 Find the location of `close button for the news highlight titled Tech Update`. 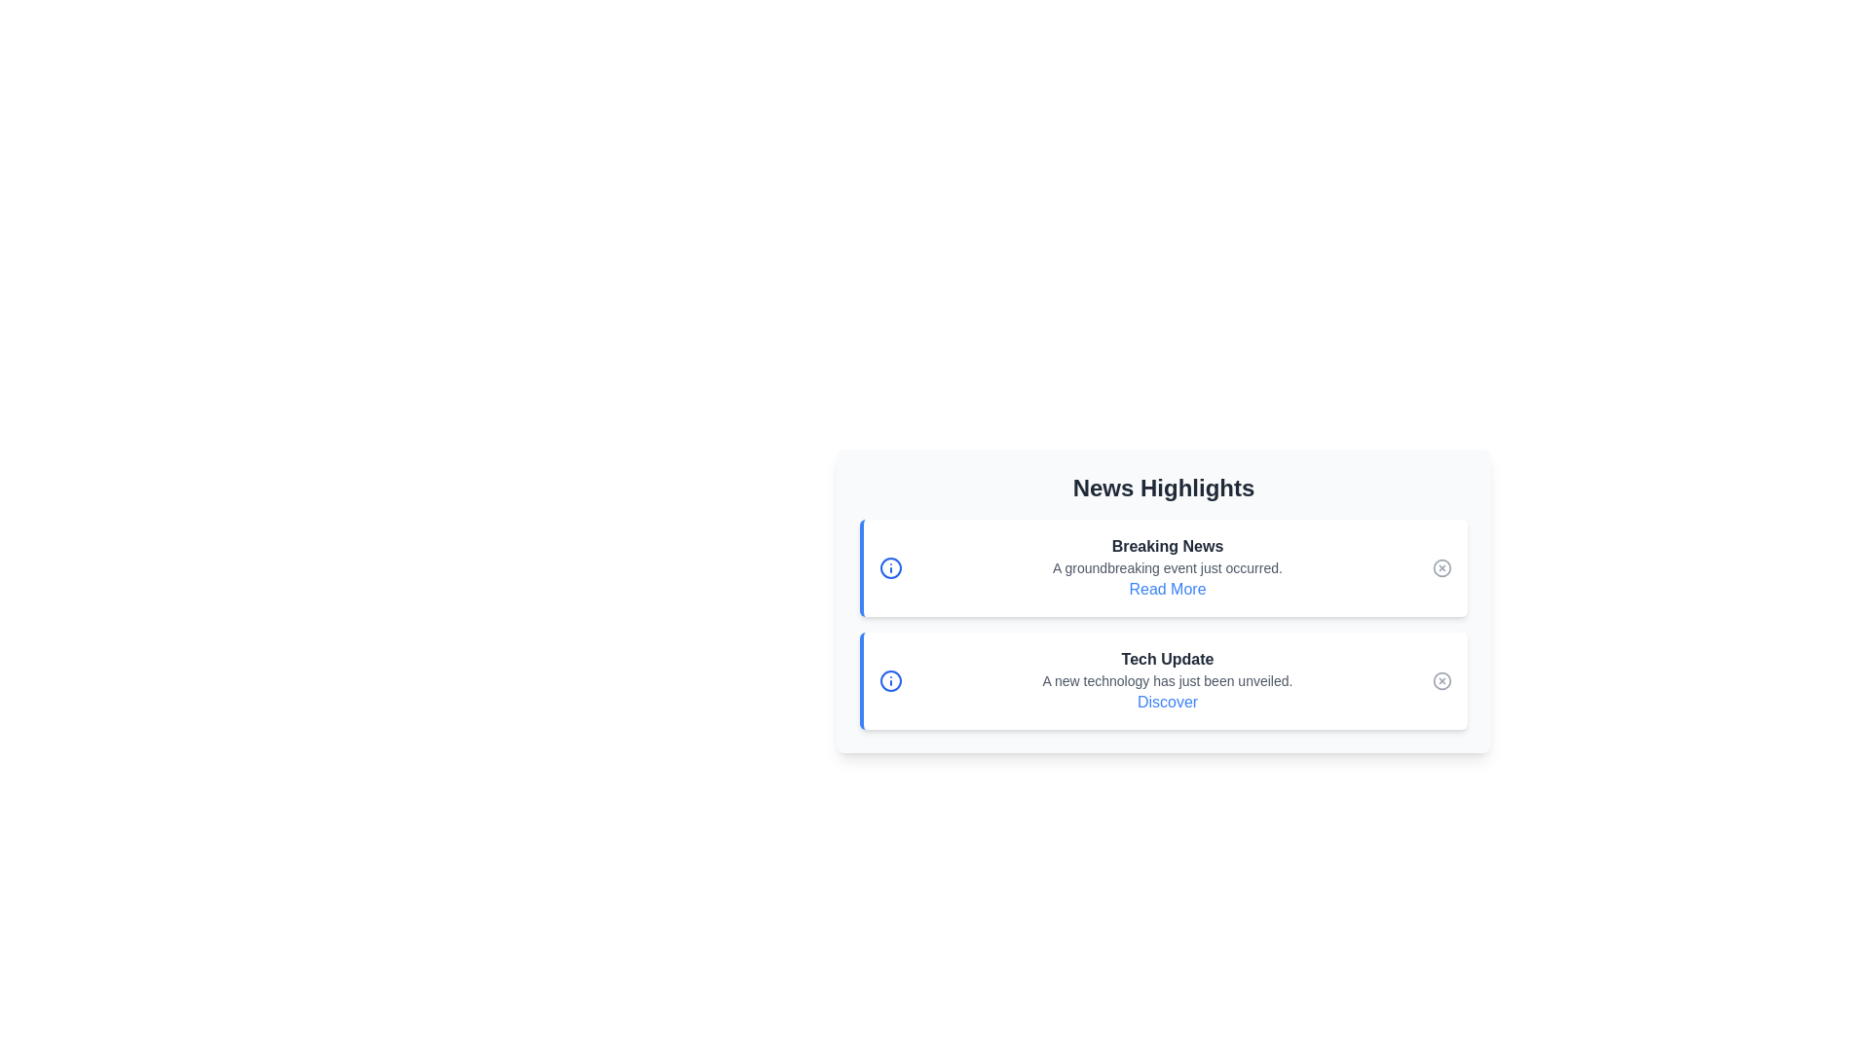

close button for the news highlight titled Tech Update is located at coordinates (1442, 679).